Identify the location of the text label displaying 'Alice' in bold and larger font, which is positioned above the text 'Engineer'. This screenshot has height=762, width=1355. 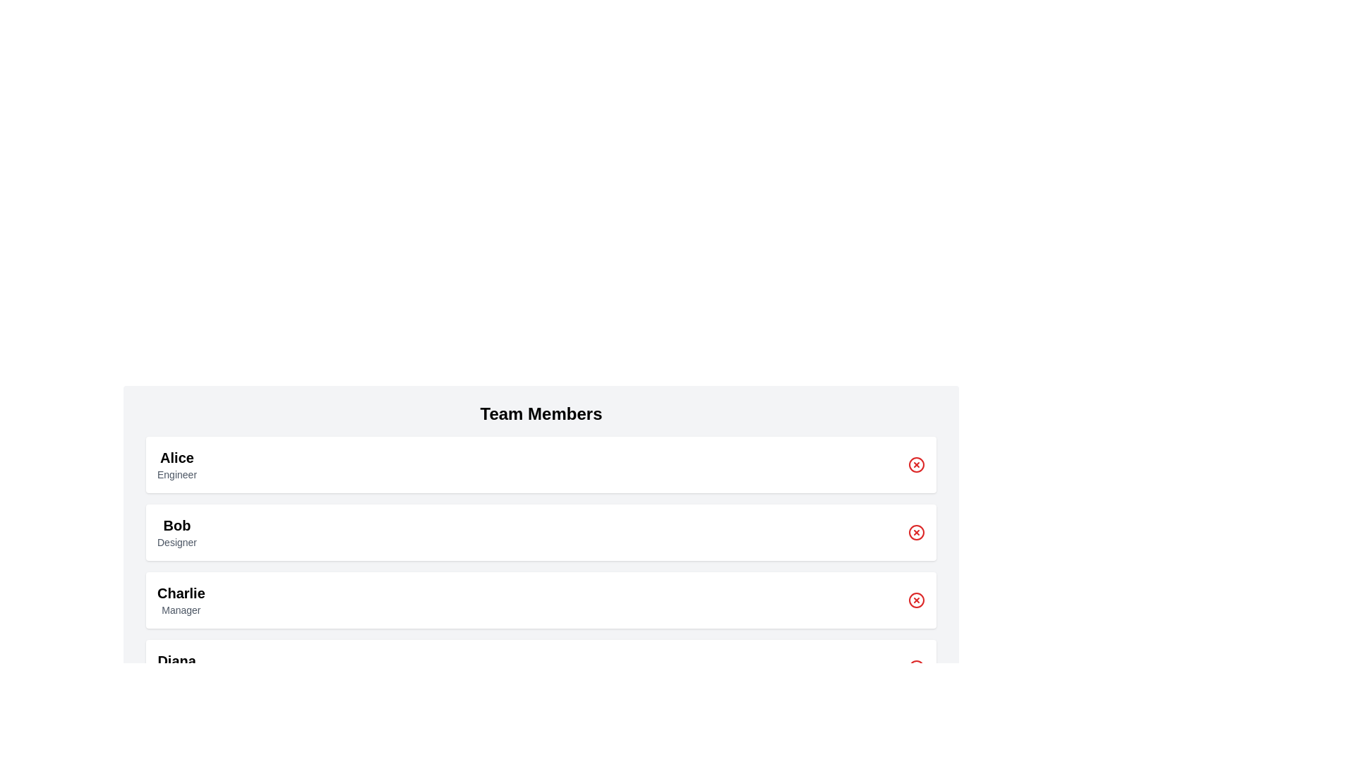
(176, 457).